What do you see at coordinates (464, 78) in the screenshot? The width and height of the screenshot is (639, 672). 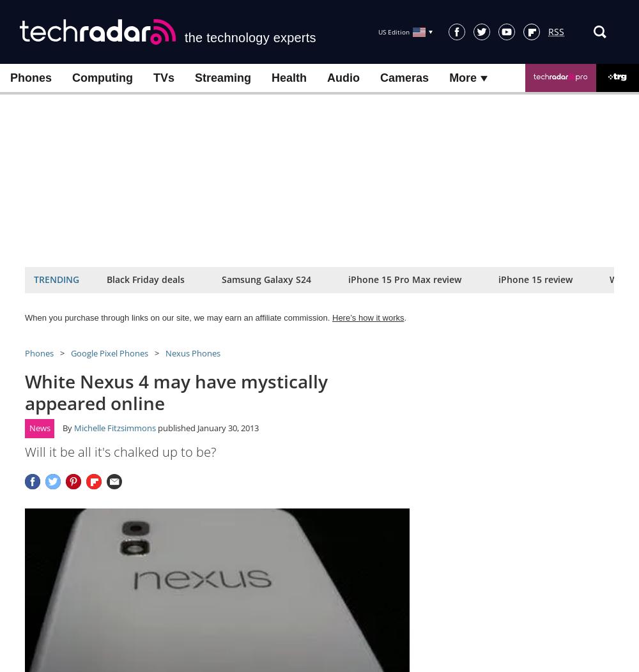 I see `'More'` at bounding box center [464, 78].